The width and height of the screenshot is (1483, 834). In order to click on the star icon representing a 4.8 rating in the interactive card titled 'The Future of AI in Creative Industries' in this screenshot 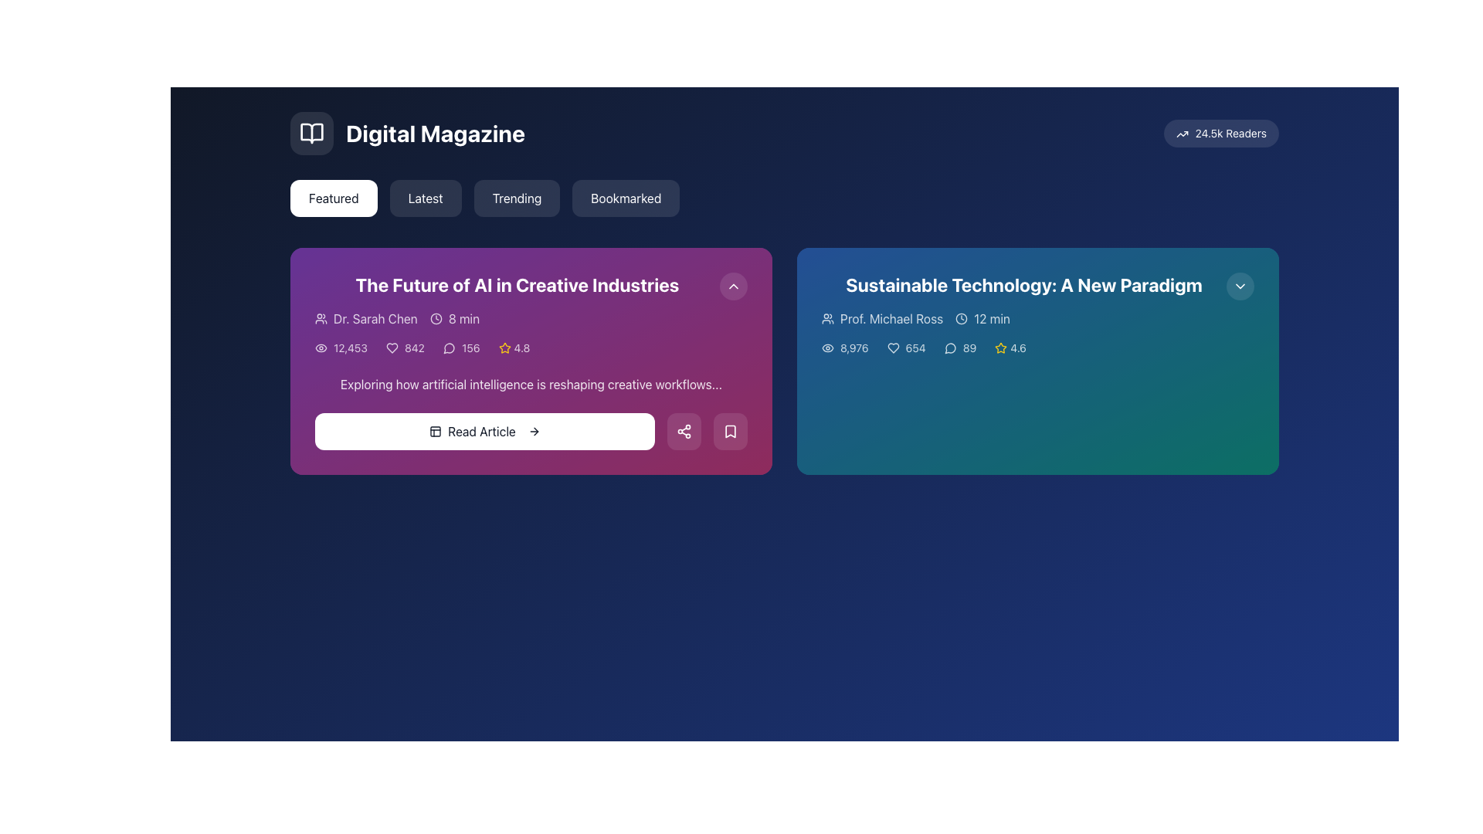, I will do `click(504, 347)`.